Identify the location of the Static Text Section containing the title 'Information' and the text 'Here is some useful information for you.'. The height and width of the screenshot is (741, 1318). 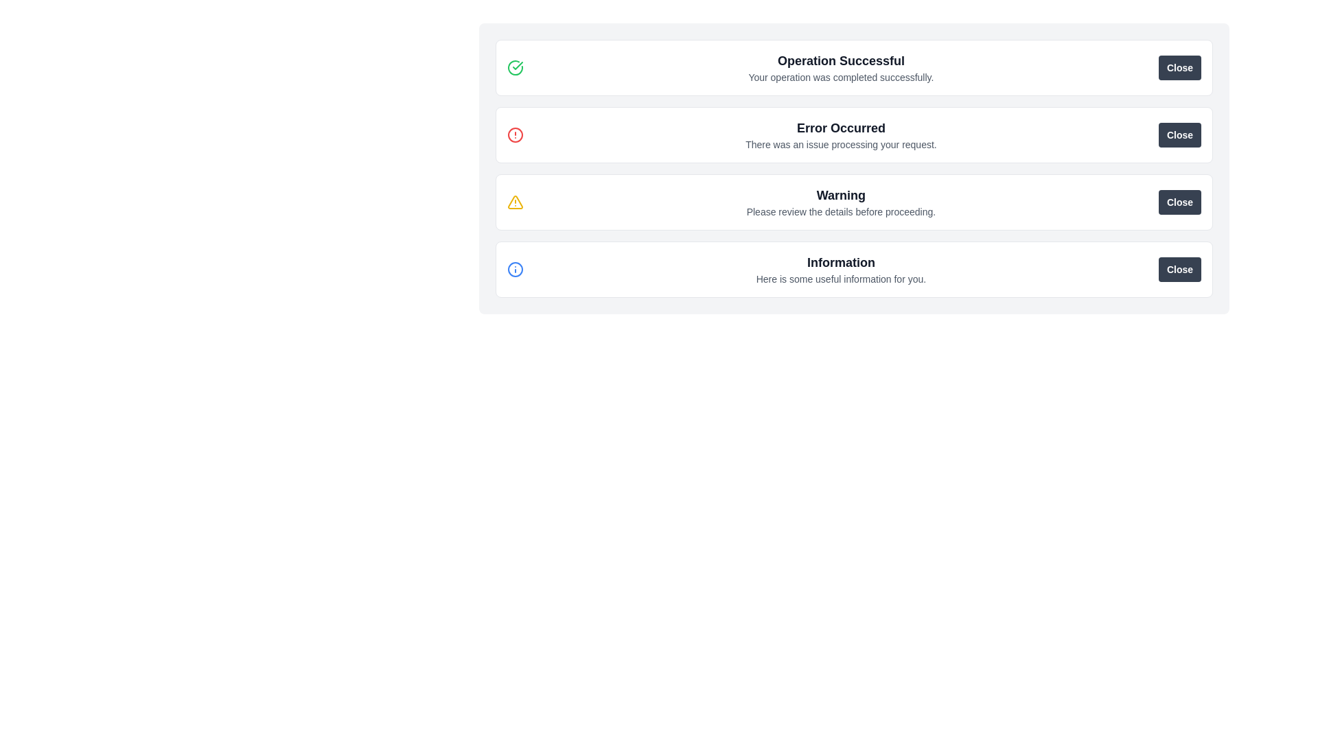
(840, 270).